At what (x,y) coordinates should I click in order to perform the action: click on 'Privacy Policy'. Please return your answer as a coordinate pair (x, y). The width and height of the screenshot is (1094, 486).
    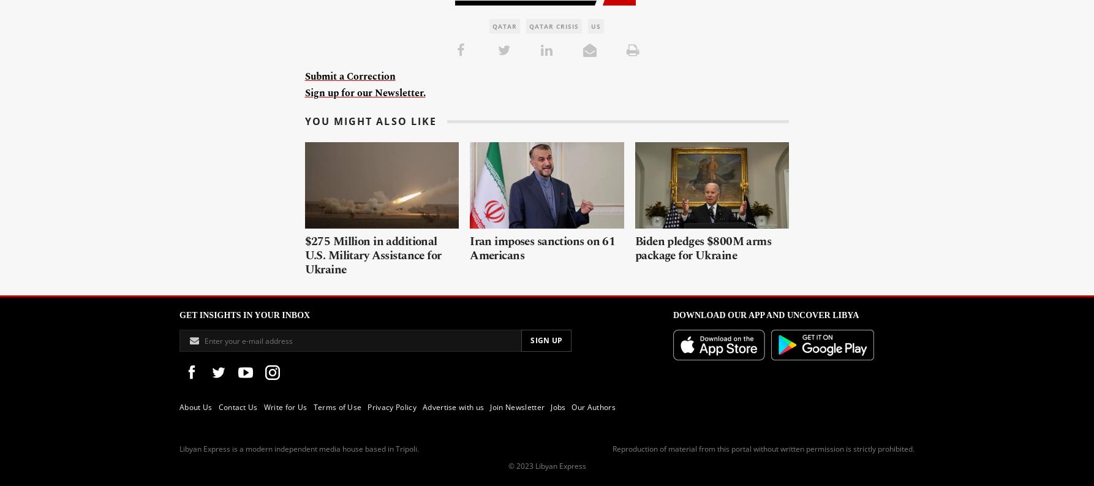
    Looking at the image, I should click on (391, 407).